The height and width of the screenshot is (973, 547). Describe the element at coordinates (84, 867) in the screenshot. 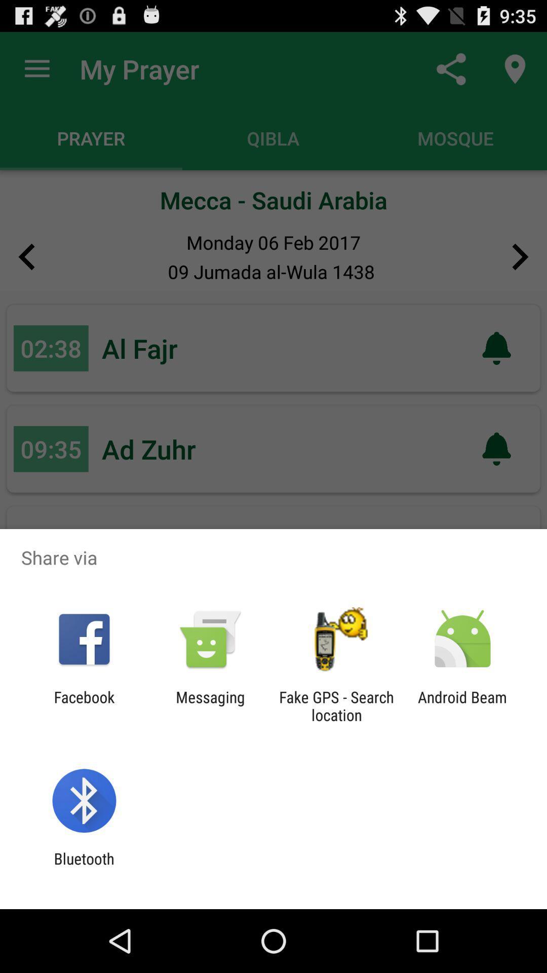

I see `the bluetooth` at that location.